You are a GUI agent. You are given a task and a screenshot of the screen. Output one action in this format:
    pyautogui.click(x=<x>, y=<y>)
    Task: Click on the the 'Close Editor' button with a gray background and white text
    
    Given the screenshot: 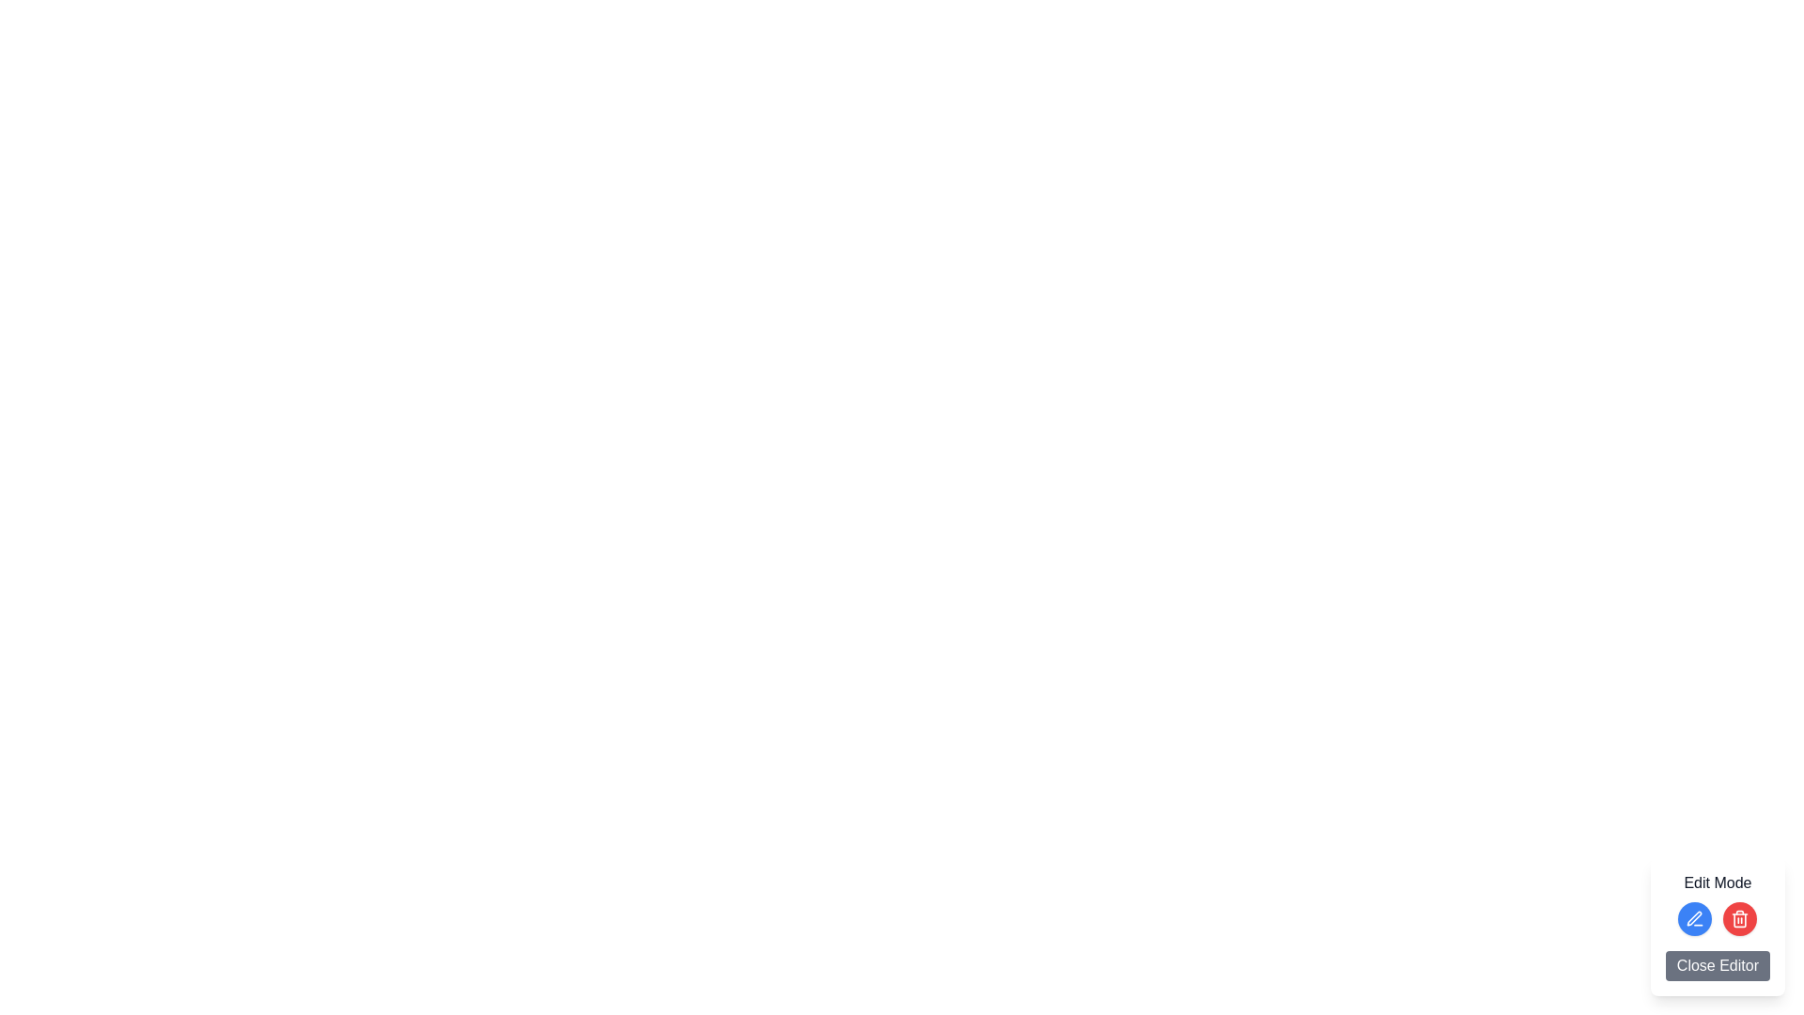 What is the action you would take?
    pyautogui.click(x=1718, y=966)
    